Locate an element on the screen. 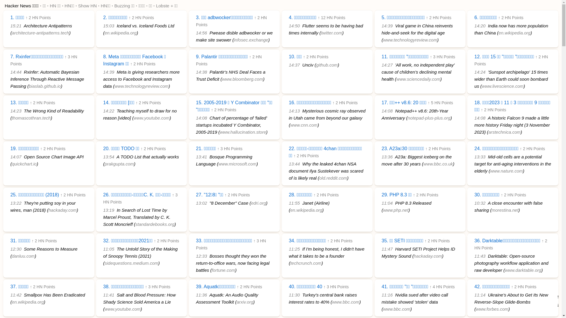 The width and height of the screenshot is (566, 318). 'sidequestions.medium.com' is located at coordinates (131, 263).